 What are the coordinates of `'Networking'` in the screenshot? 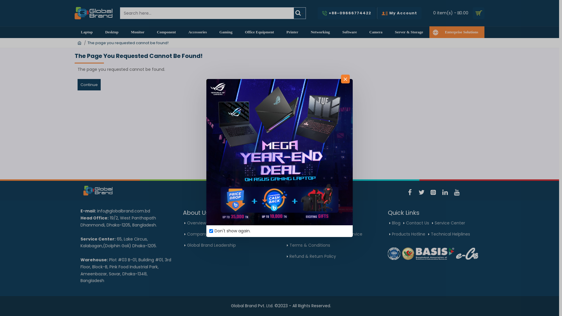 It's located at (320, 32).